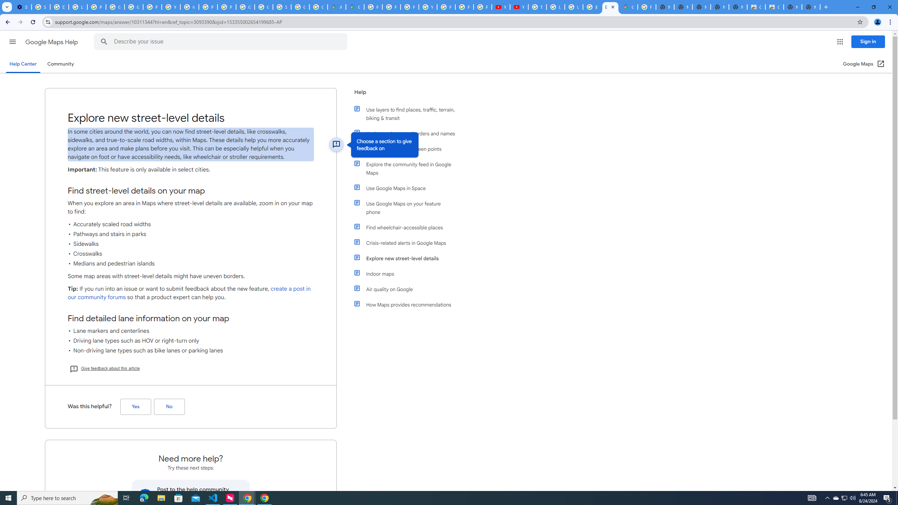  Describe the element at coordinates (135, 407) in the screenshot. I see `'Yes (Was this helpful?)'` at that location.